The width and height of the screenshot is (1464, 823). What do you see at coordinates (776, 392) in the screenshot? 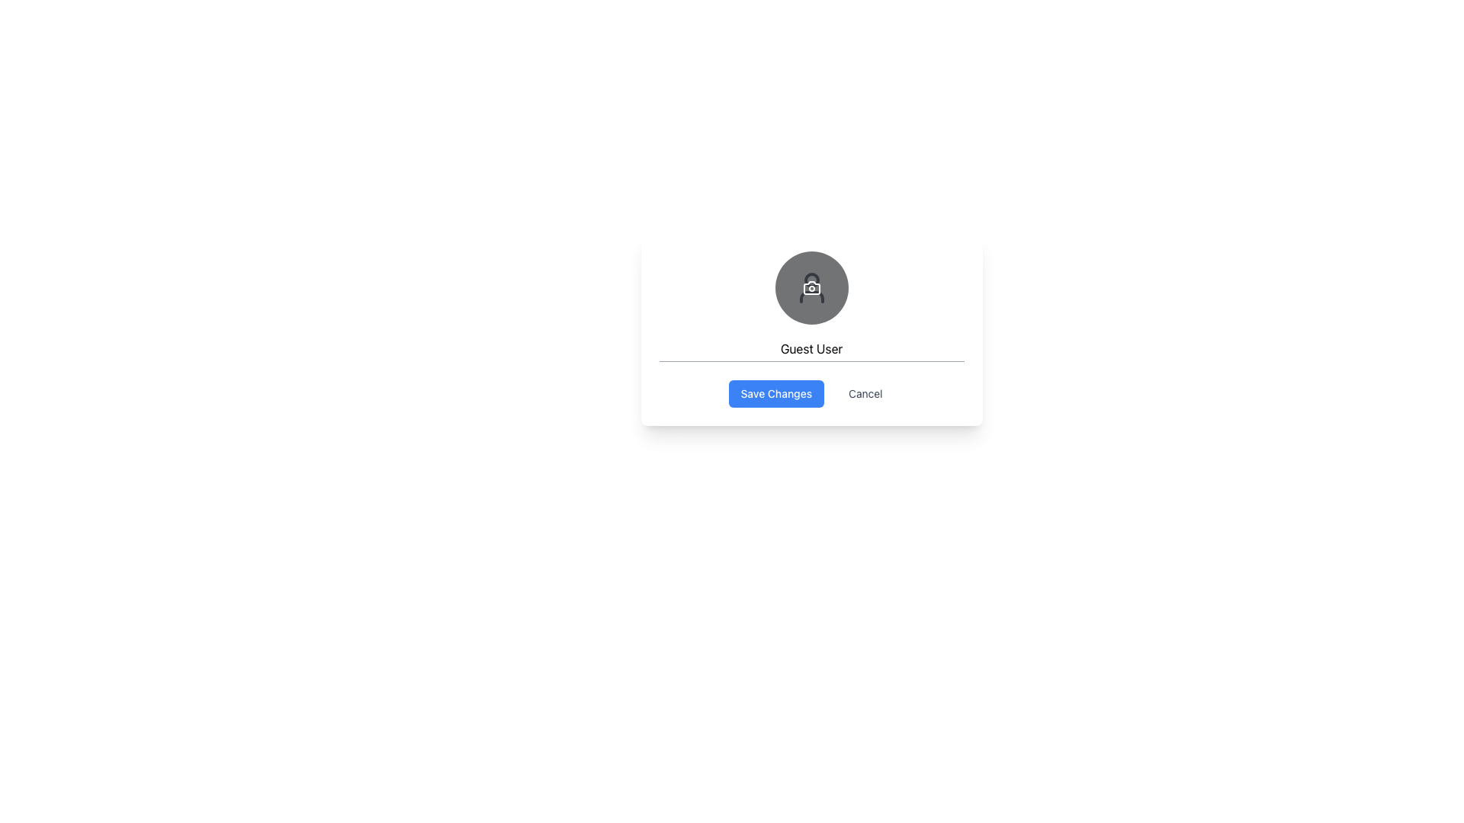
I see `the 'Save Changes' button, which is a rectangular button with a vibrant blue background and white text, located in the centered modal dialog below the 'Guest User' label` at bounding box center [776, 392].